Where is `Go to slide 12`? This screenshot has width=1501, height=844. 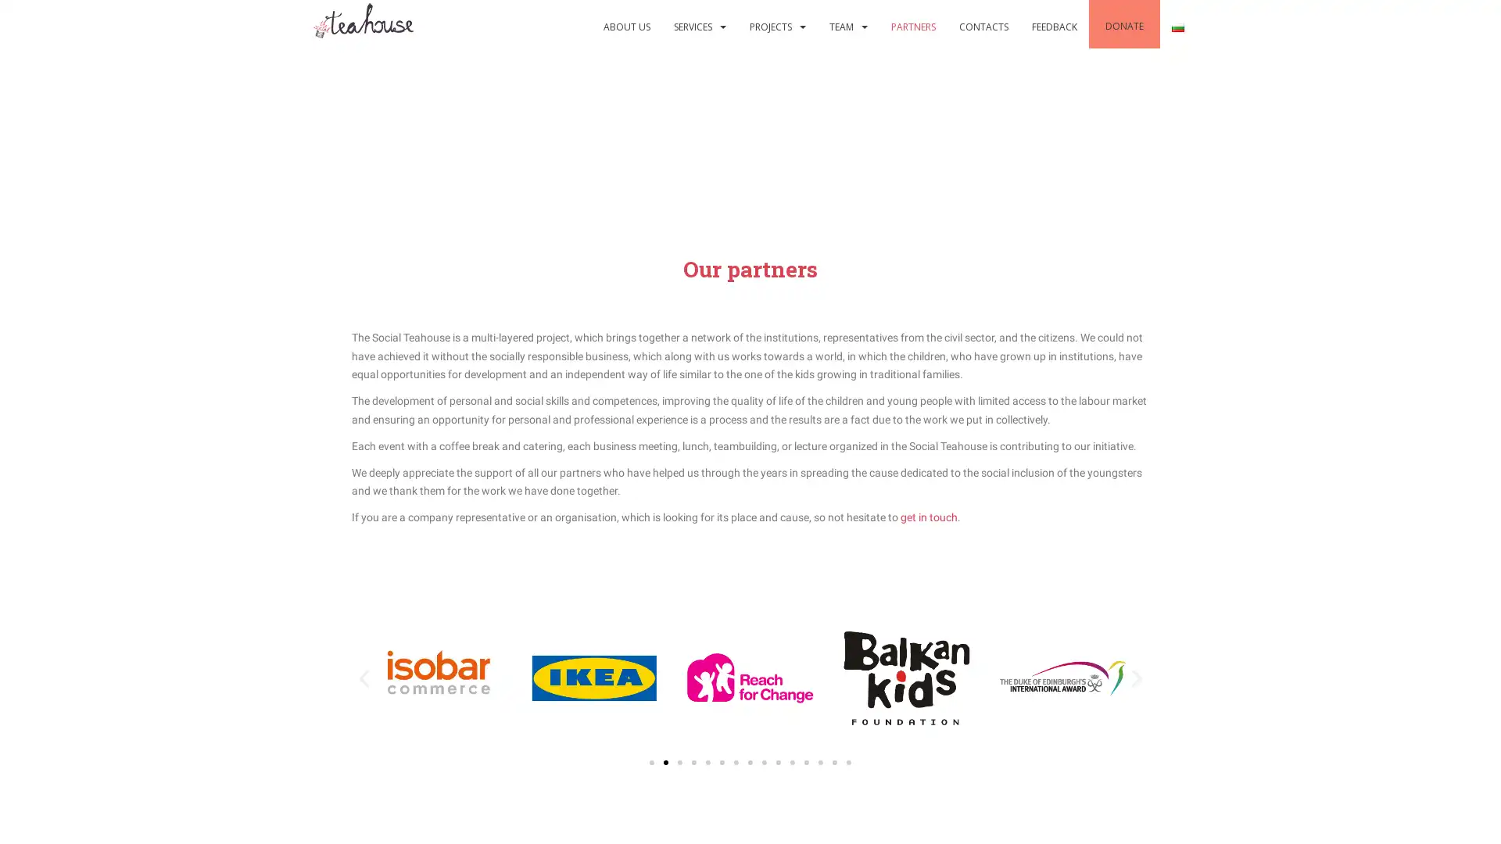 Go to slide 12 is located at coordinates (807, 761).